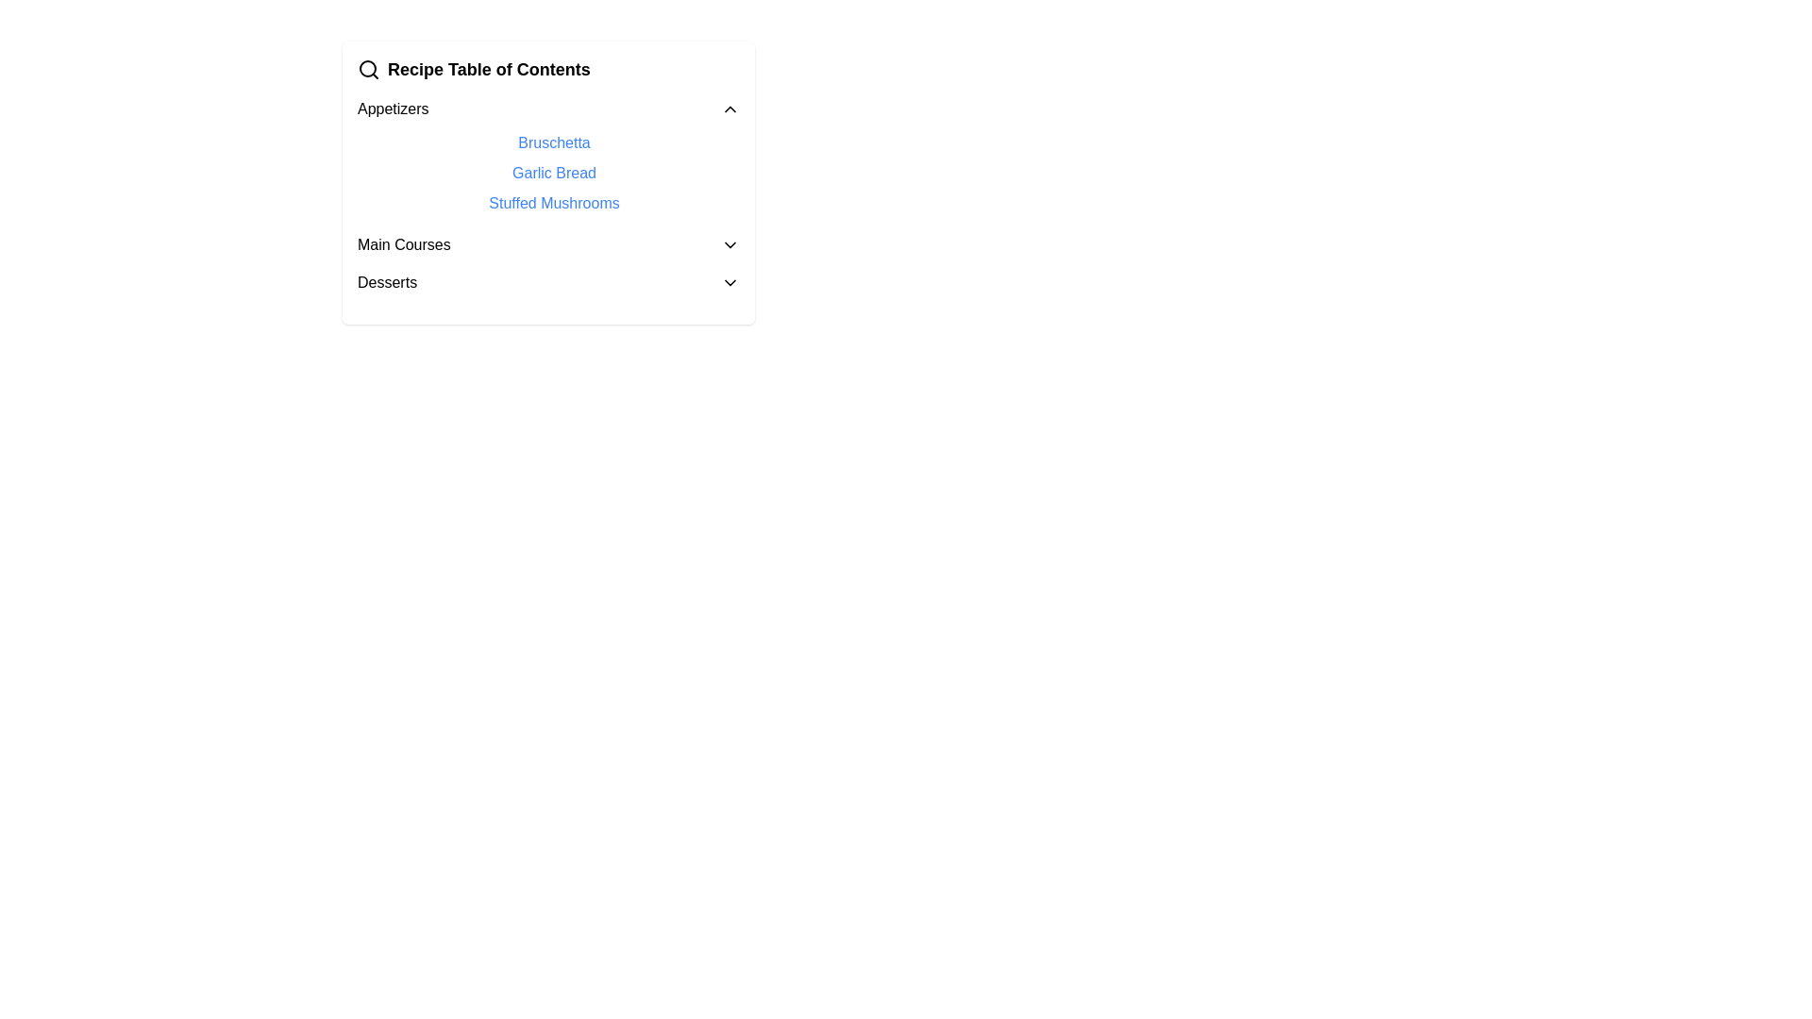 The height and width of the screenshot is (1019, 1812). I want to click on the text label 'Desserts', which is styled in bold and serves as a section heading in the 'Main Courses' section, positioned next to a dropdown arrow icon, so click(386, 283).